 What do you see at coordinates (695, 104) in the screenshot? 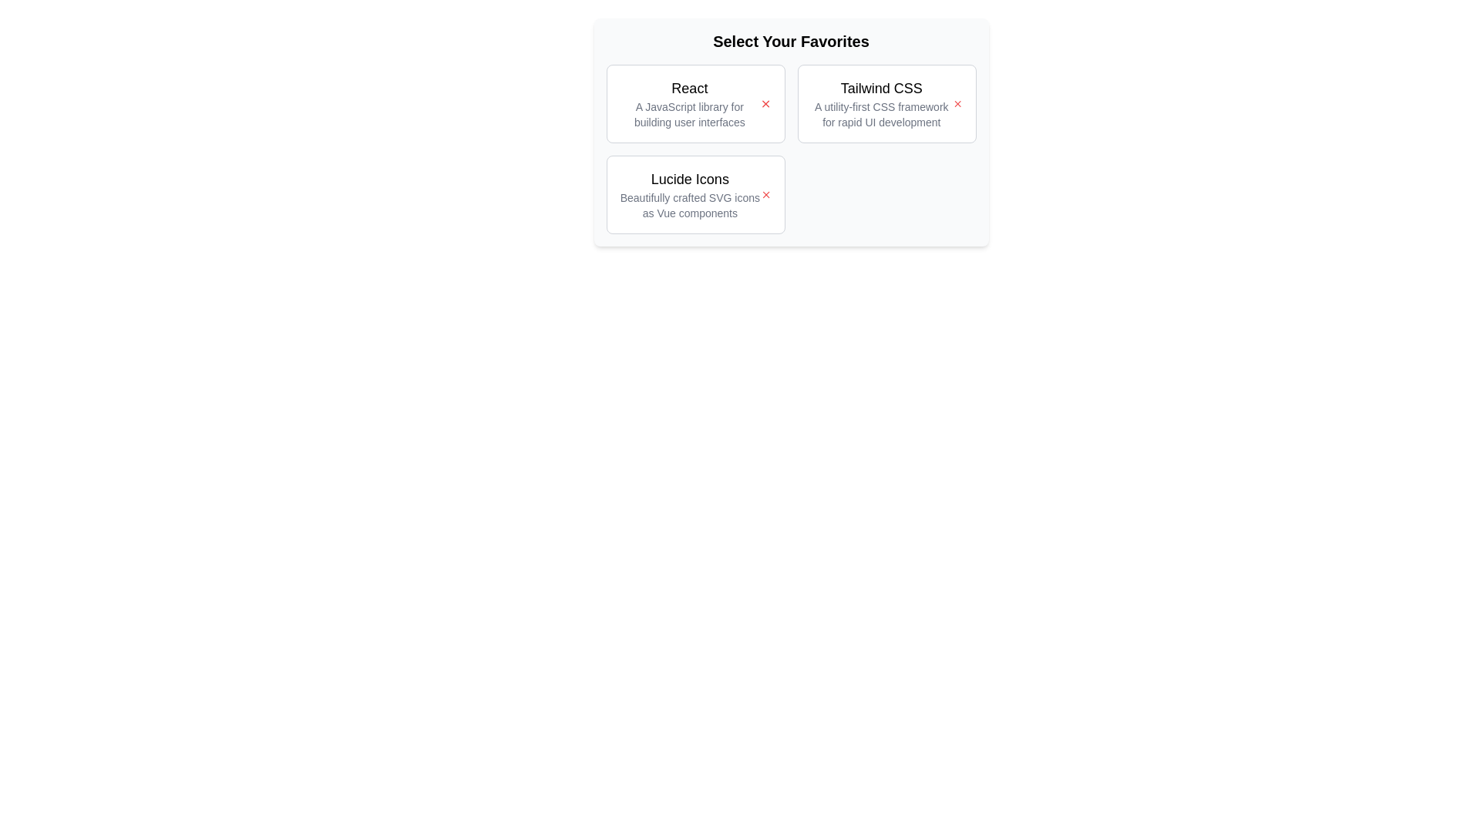
I see `the chip labeled 'React'` at bounding box center [695, 104].